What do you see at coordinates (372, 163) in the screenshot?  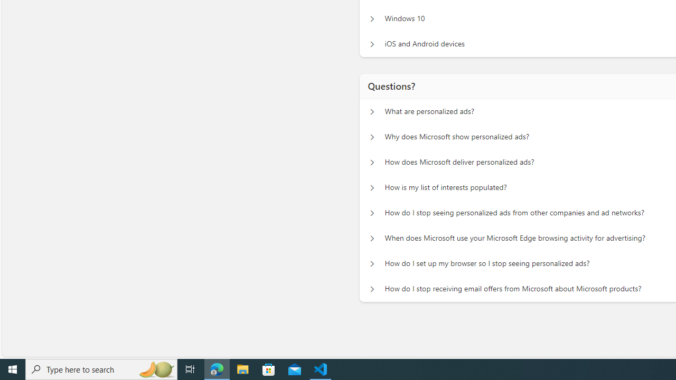 I see `'Questions? How does Microsoft deliver personalized ads?'` at bounding box center [372, 163].